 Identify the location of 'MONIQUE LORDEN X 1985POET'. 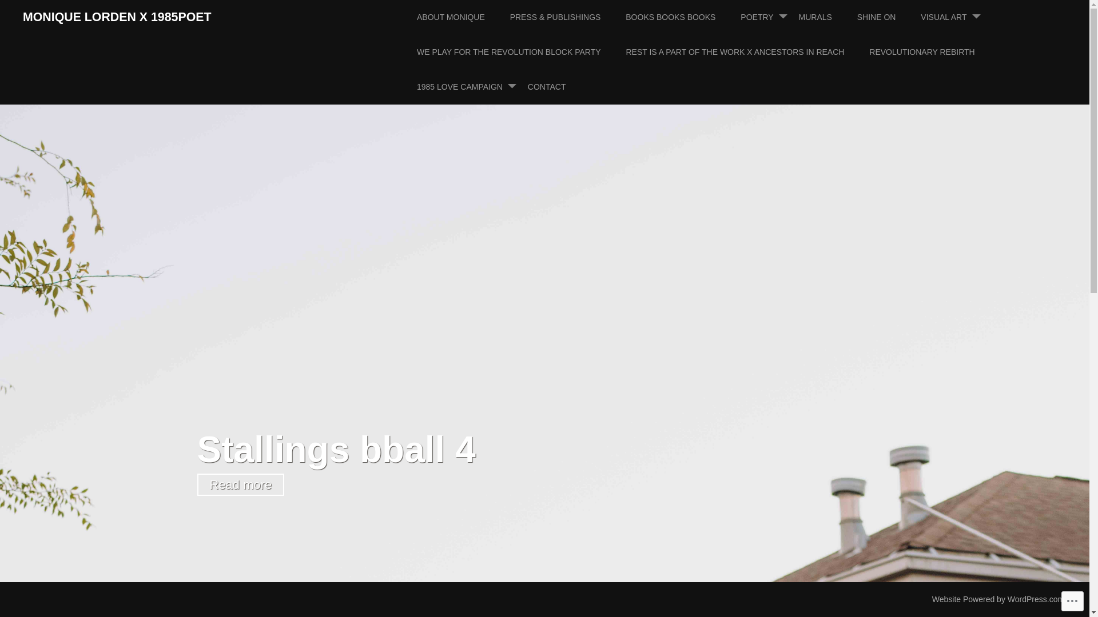
(117, 17).